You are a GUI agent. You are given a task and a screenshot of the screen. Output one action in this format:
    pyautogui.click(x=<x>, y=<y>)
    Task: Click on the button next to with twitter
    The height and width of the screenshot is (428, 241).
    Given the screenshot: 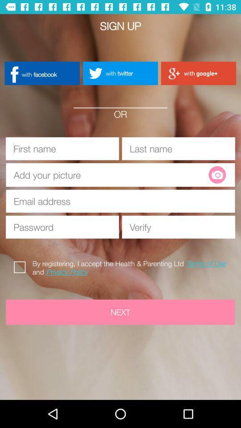 What is the action you would take?
    pyautogui.click(x=198, y=73)
    